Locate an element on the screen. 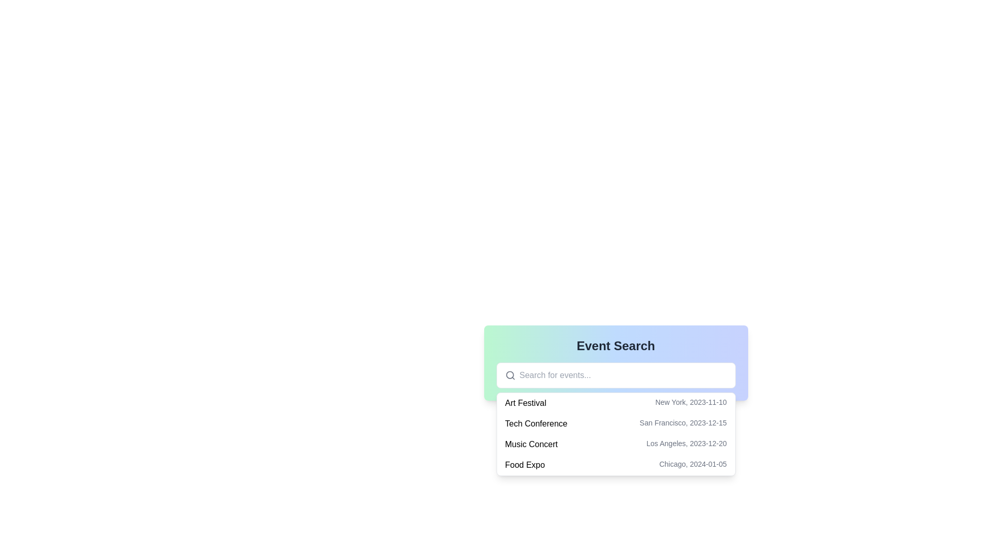  the first row list item displaying the title and date/location of an event in the 'Event Search' section below the 'Search for events...' bar is located at coordinates (616, 403).